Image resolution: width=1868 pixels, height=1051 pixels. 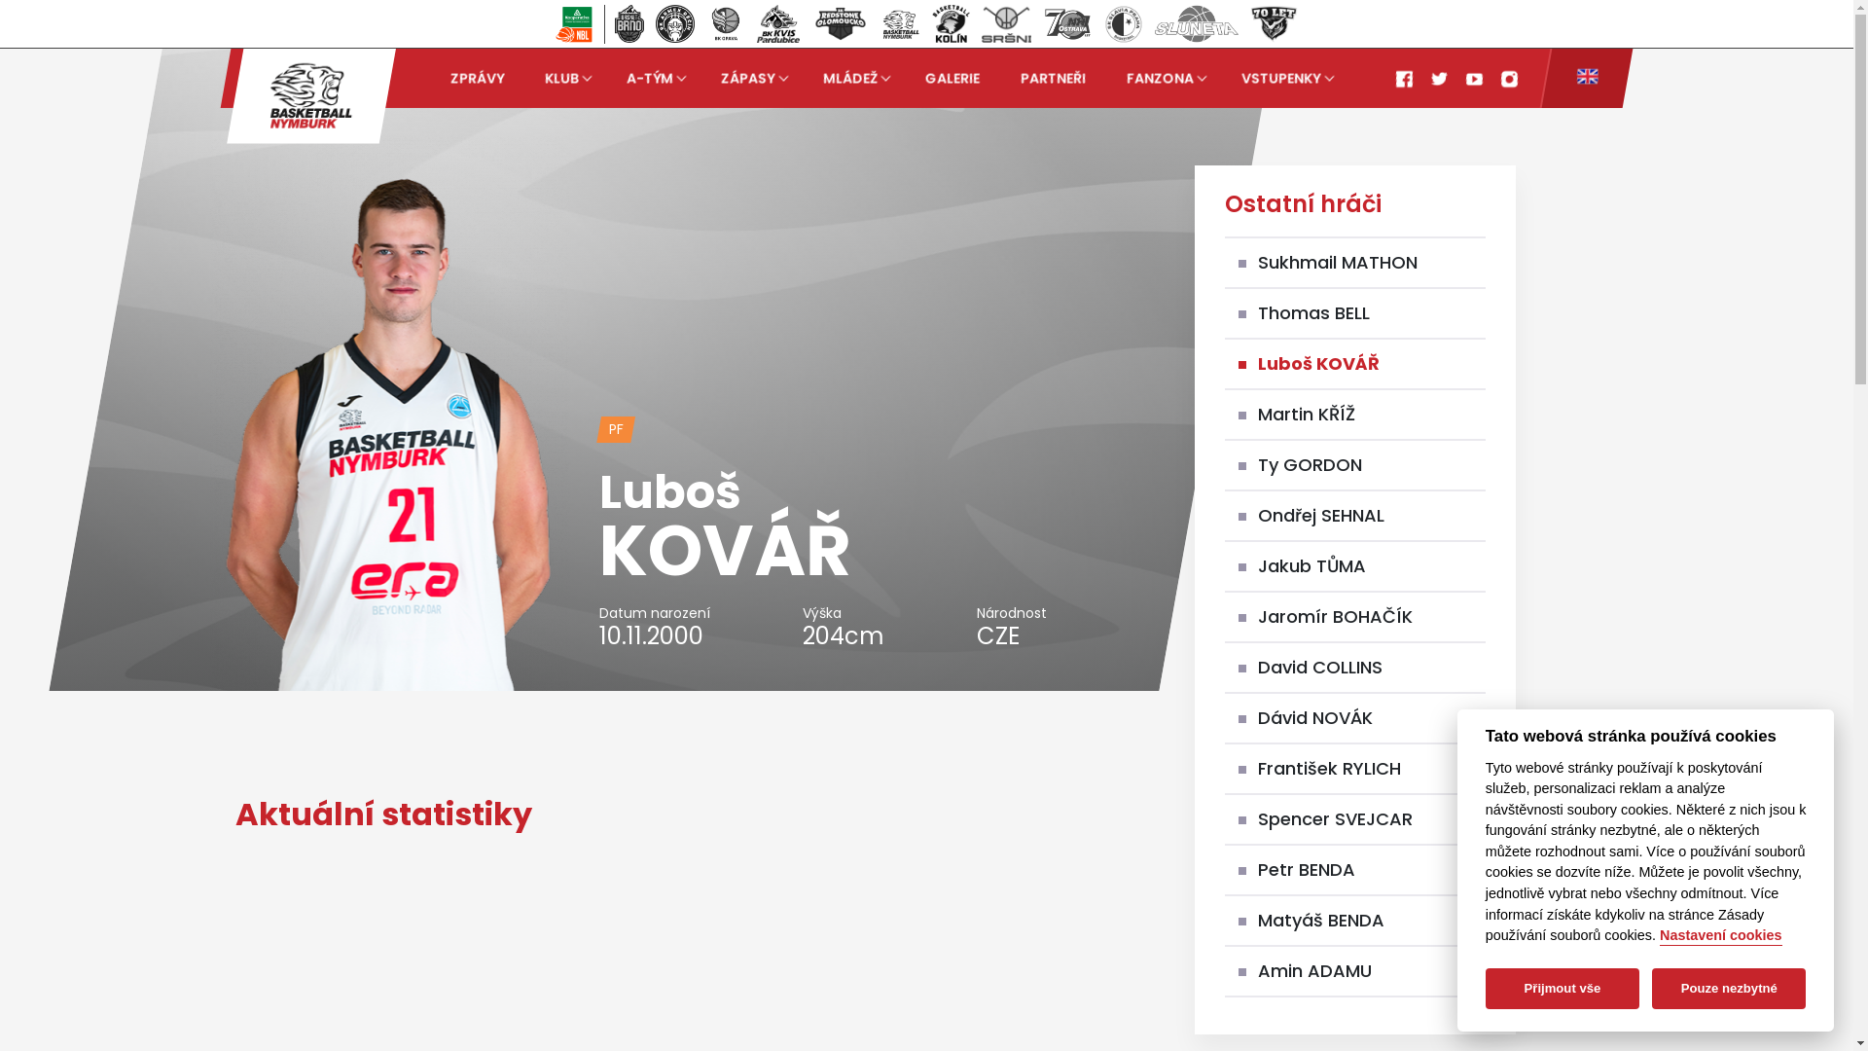 I want to click on 'Spencer SVEJCAR', so click(x=1257, y=818).